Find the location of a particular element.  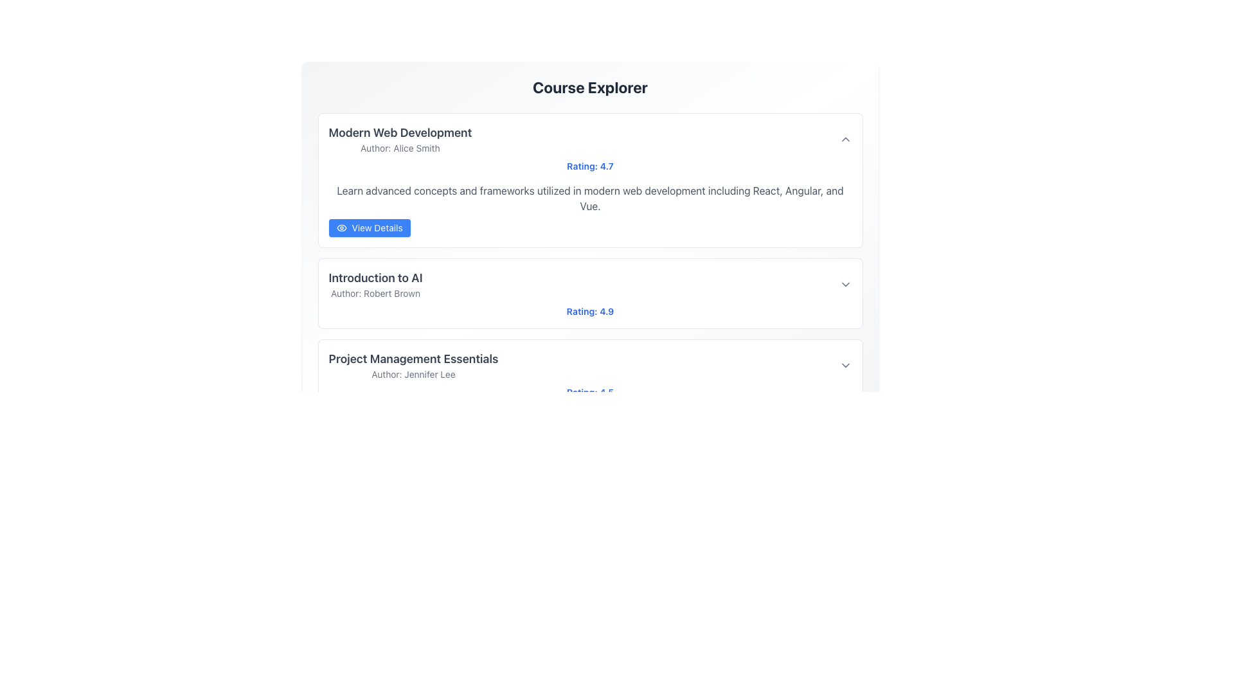

the non-interactive text label displaying the rating score for the course 'Modern Web Development', located near the top-middle section of the interface is located at coordinates (589, 165).